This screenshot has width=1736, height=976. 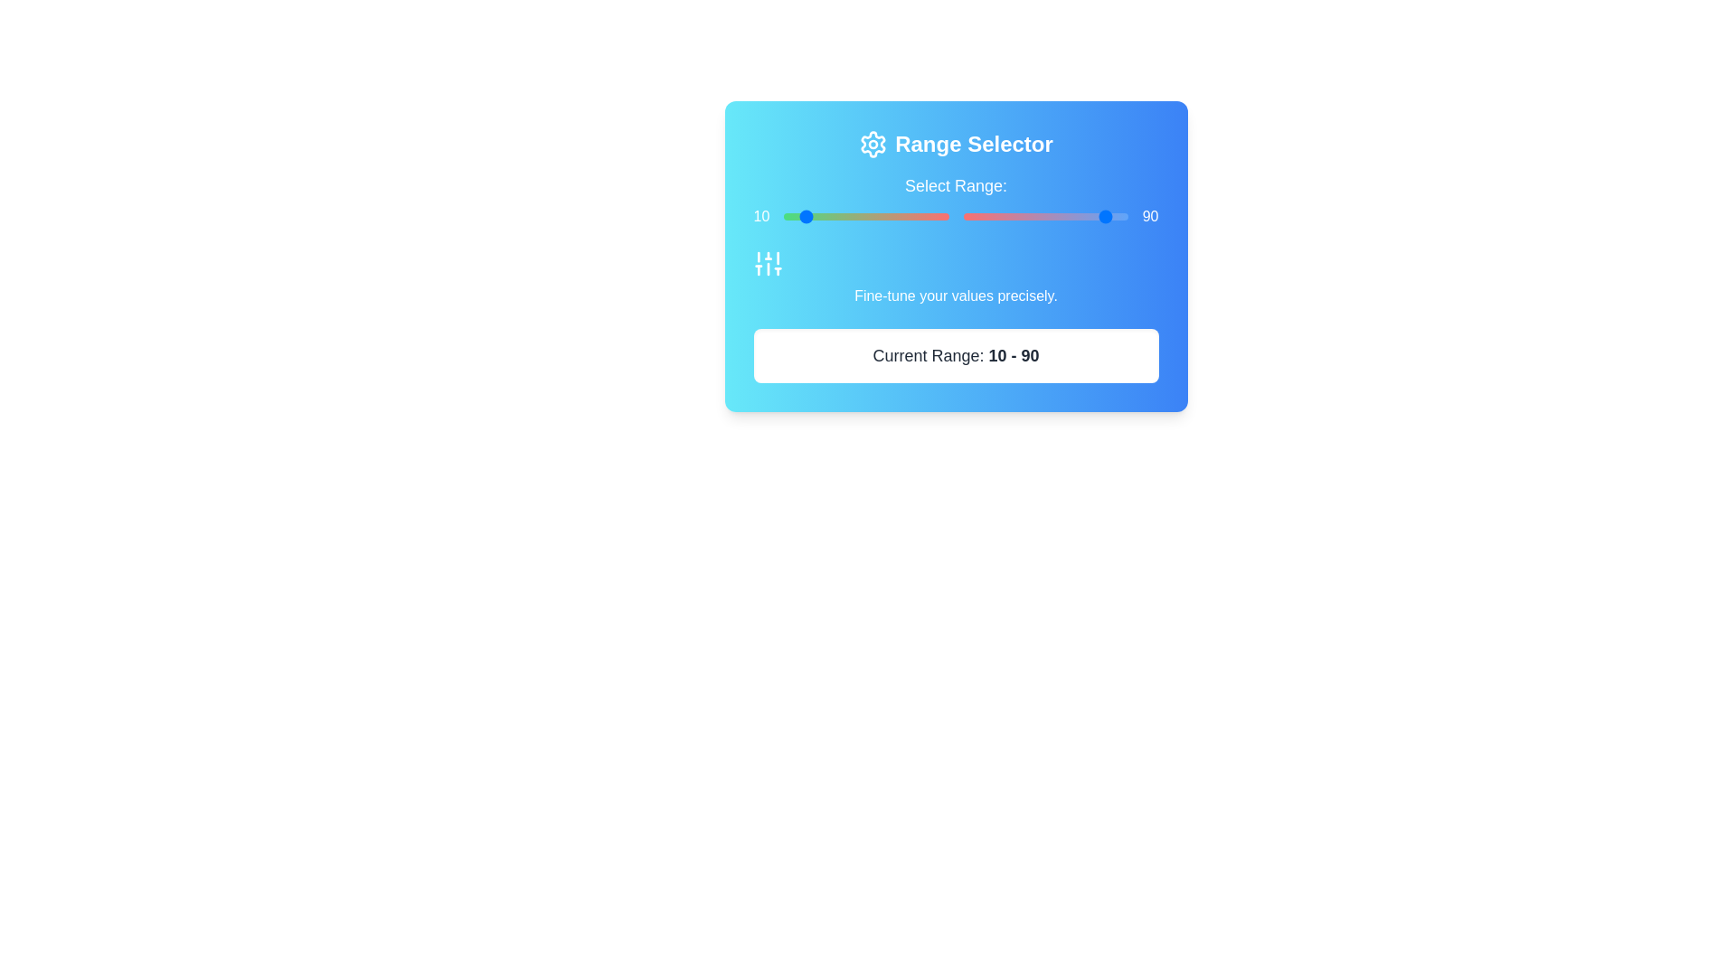 I want to click on the right range slider to set its value to 43, so click(x=1033, y=215).